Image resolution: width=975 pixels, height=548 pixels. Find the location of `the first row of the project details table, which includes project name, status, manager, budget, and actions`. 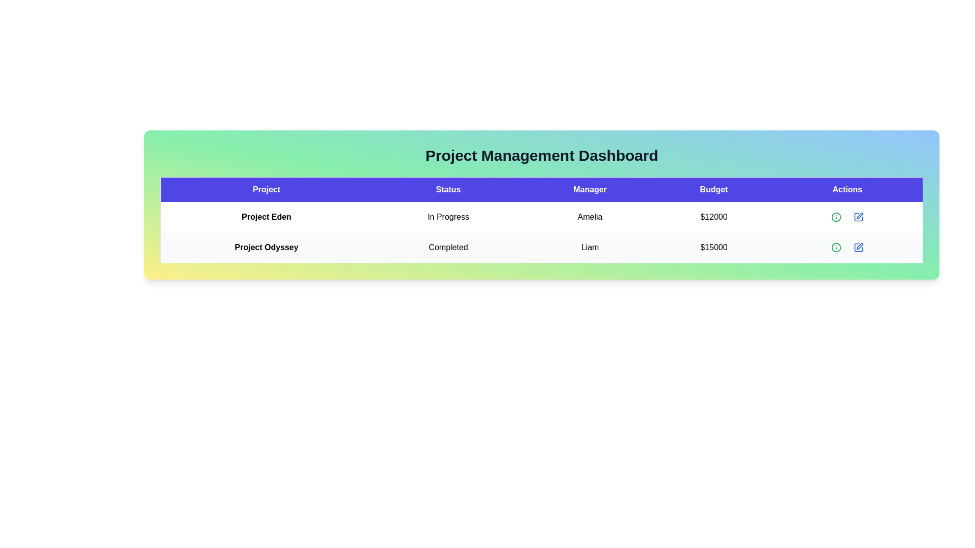

the first row of the project details table, which includes project name, status, manager, budget, and actions is located at coordinates (541, 217).